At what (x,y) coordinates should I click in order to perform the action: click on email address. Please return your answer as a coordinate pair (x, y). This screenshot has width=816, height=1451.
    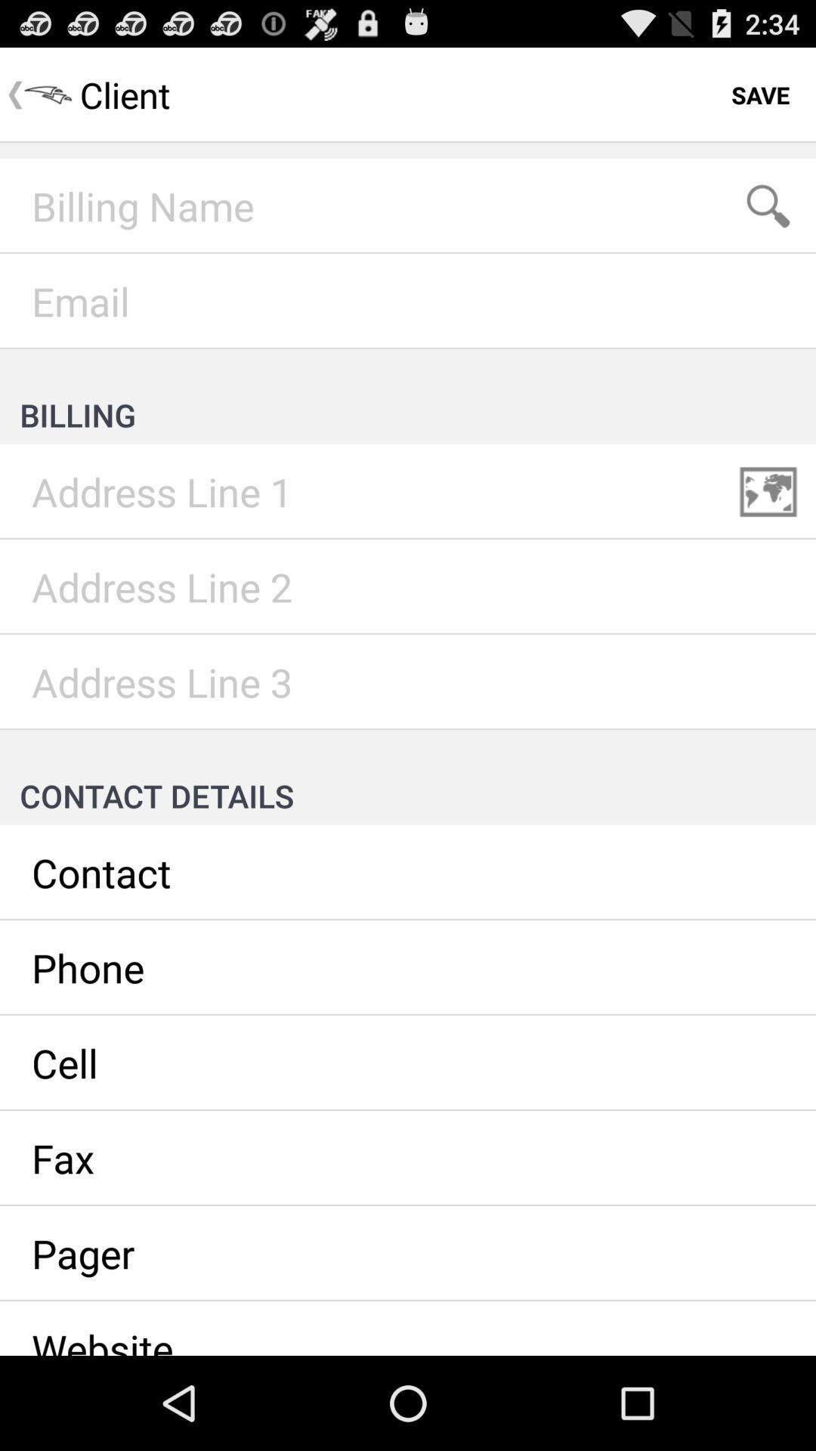
    Looking at the image, I should click on (408, 301).